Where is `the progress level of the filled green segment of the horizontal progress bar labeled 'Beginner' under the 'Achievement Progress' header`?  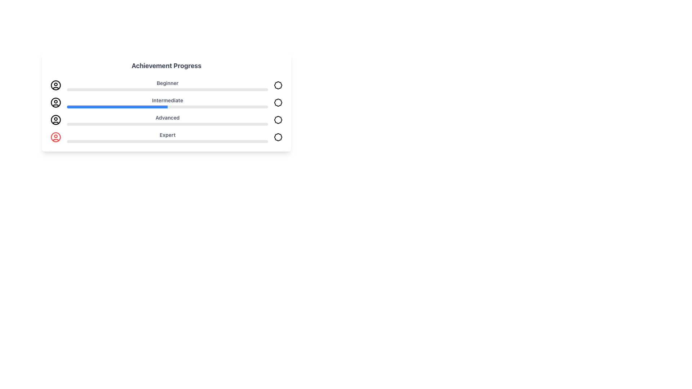
the progress level of the filled green segment of the horizontal progress bar labeled 'Beginner' under the 'Achievement Progress' header is located at coordinates (86, 89).